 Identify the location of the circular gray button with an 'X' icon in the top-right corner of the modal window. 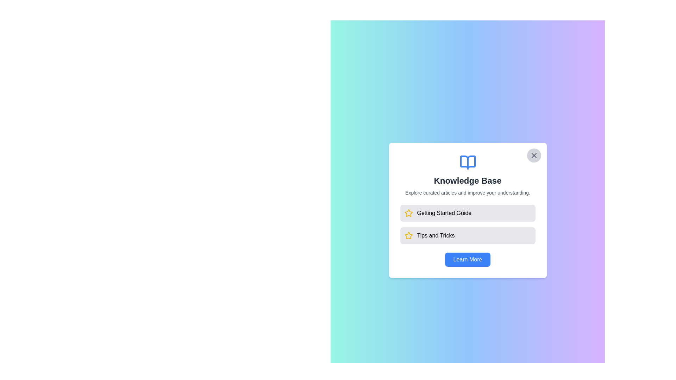
(534, 155).